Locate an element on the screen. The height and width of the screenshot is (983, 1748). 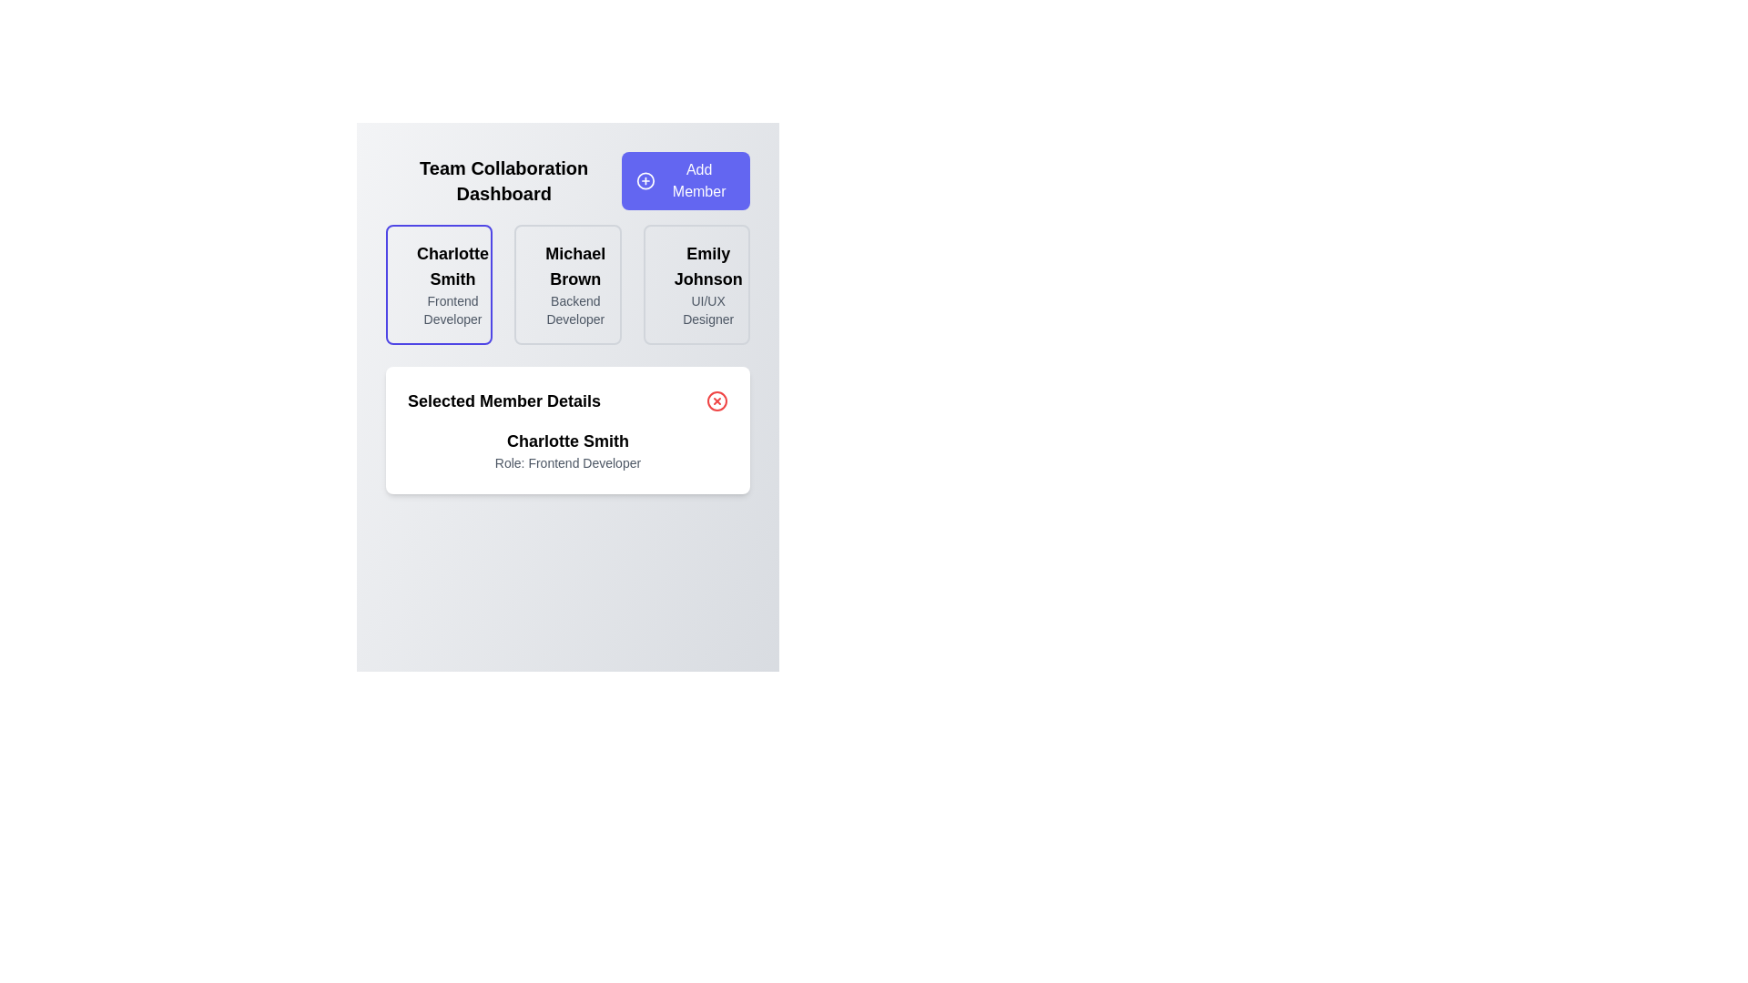
the 'Add Member' button, which has a blue background and a white '+' icon is located at coordinates (685, 181).